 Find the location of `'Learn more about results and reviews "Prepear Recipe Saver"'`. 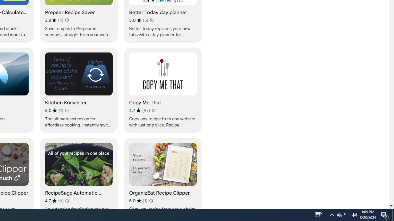

'Learn more about results and reviews "Prepear Recipe Saver"' is located at coordinates (66, 20).